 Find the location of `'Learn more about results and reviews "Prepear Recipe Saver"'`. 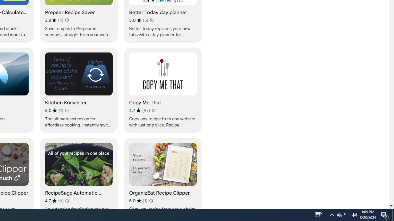

'Learn more about results and reviews "Prepear Recipe Saver"' is located at coordinates (66, 20).